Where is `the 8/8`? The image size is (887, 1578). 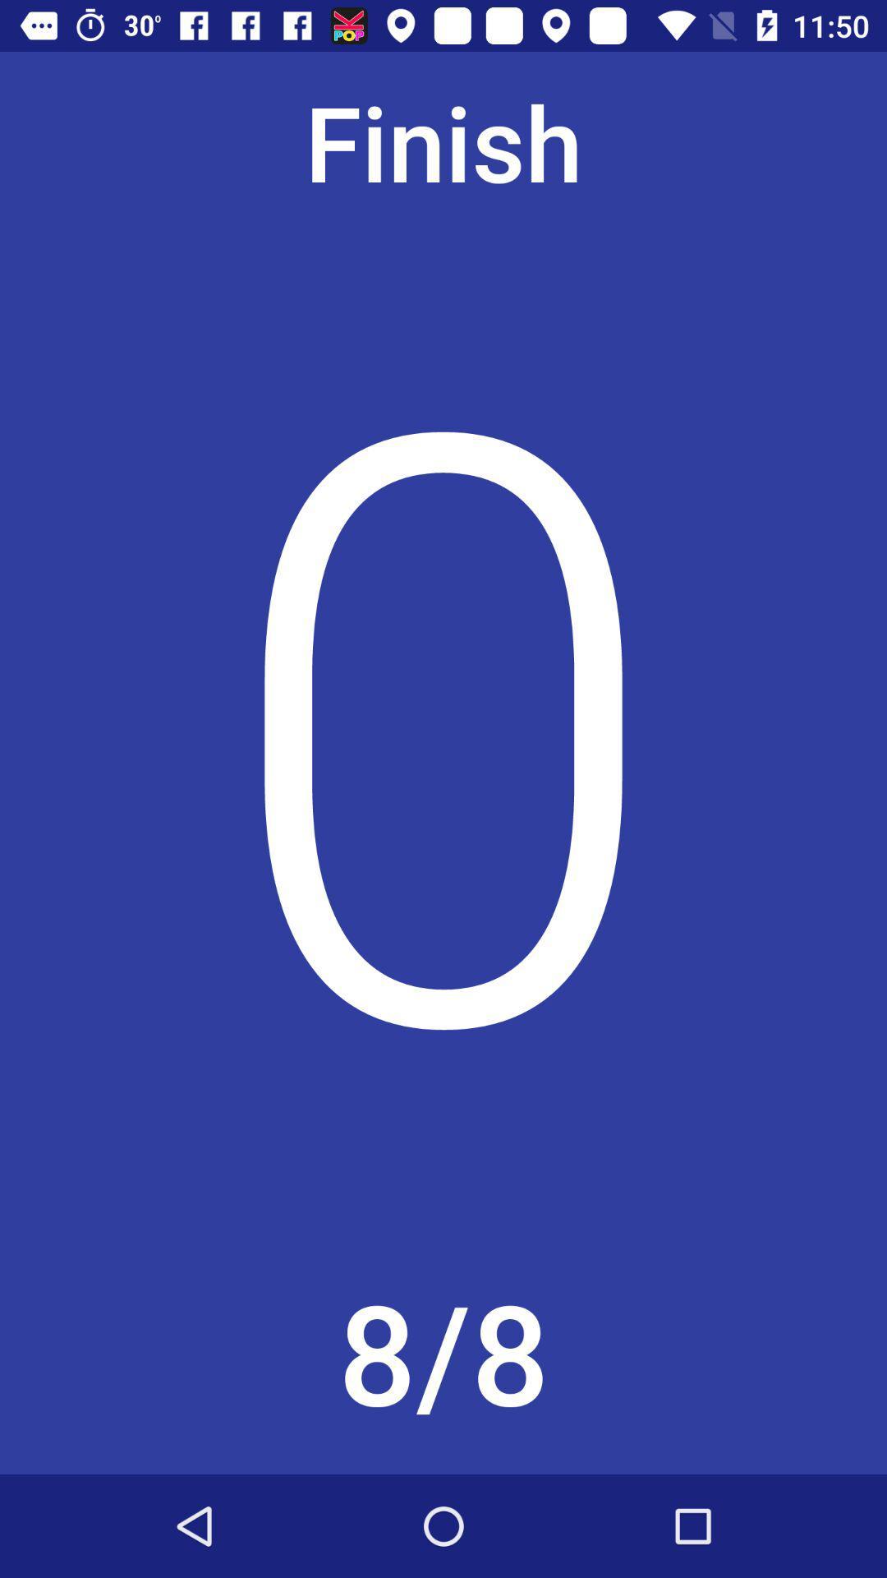
the 8/8 is located at coordinates (443, 1359).